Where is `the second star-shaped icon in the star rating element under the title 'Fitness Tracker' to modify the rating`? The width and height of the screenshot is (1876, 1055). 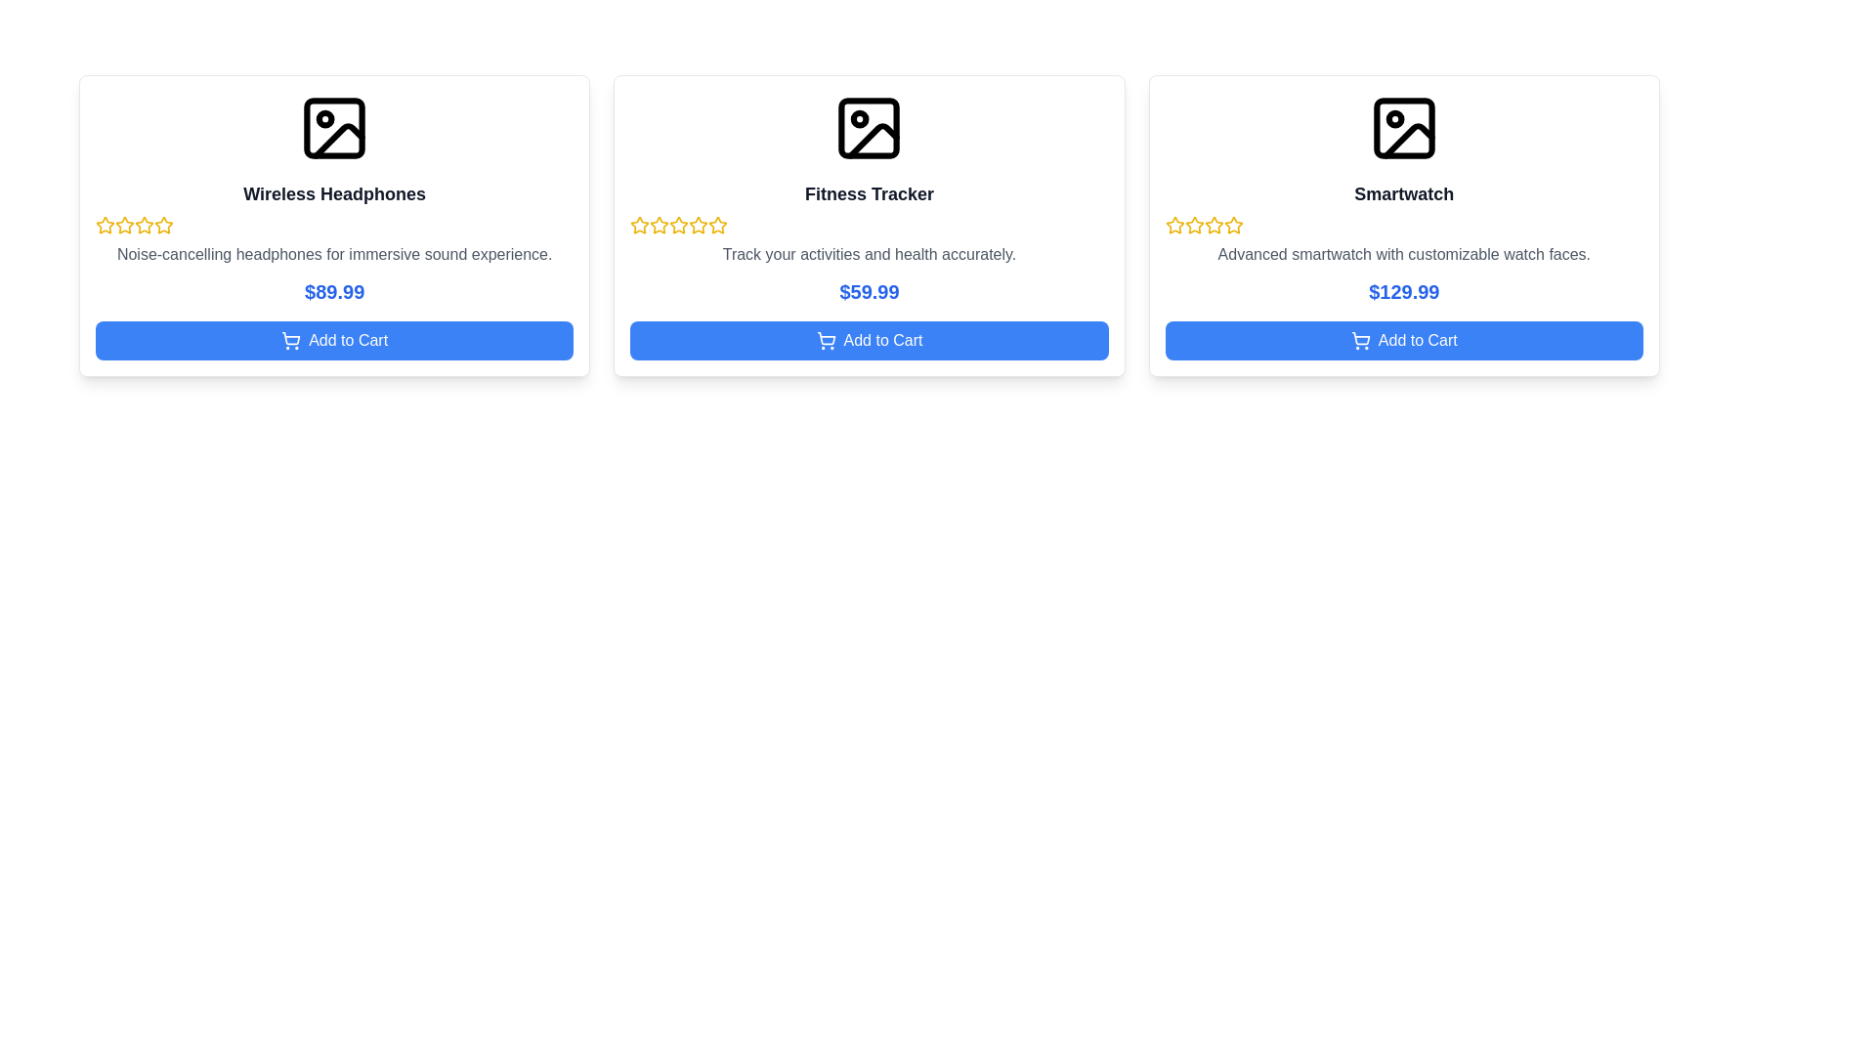 the second star-shaped icon in the star rating element under the title 'Fitness Tracker' to modify the rating is located at coordinates (699, 224).